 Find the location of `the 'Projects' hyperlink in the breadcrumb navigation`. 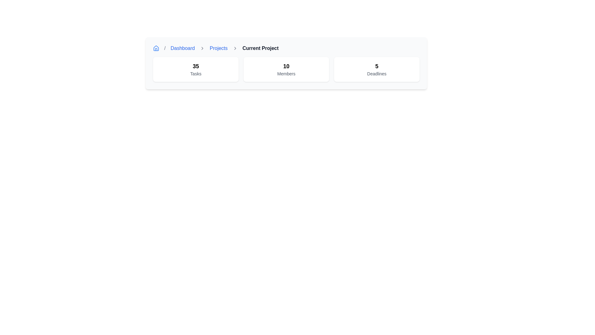

the 'Projects' hyperlink in the breadcrumb navigation is located at coordinates (218, 48).